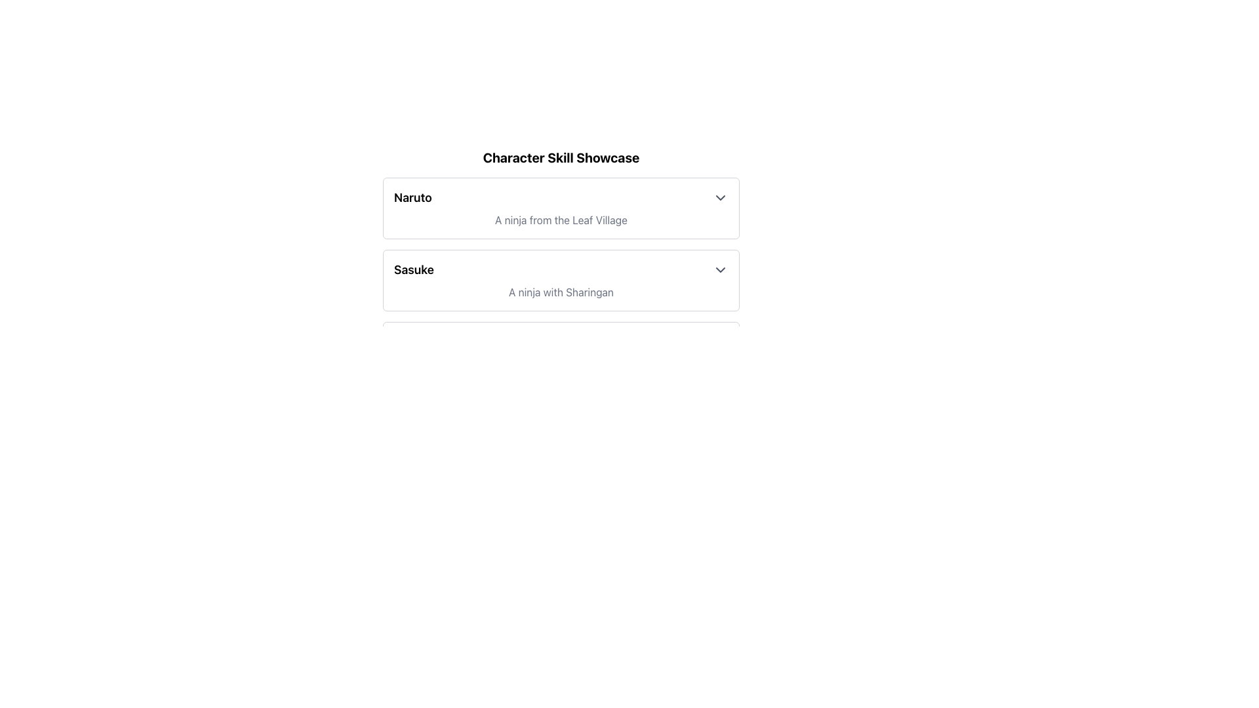 Image resolution: width=1259 pixels, height=708 pixels. What do you see at coordinates (561, 292) in the screenshot?
I see `the text label displaying 'A ninja with Sharingan', which is styled in gray and positioned beneath the main title 'Sasuke'` at bounding box center [561, 292].